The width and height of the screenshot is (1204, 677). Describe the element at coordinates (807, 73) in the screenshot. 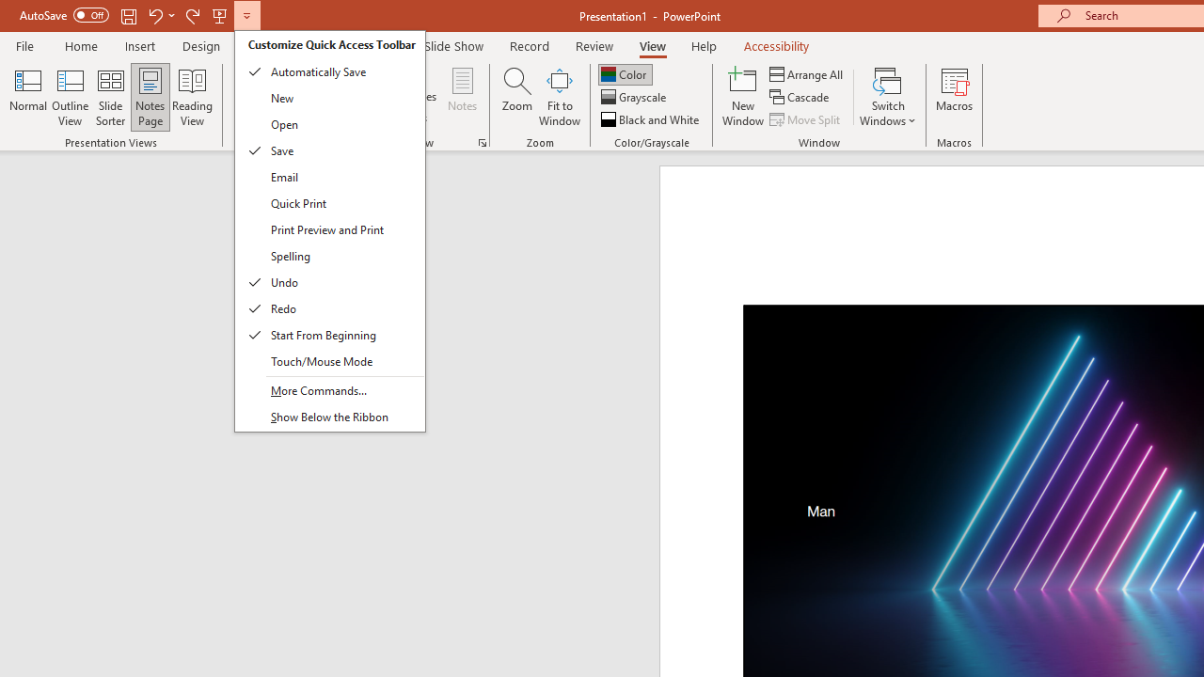

I see `'Arrange All'` at that location.